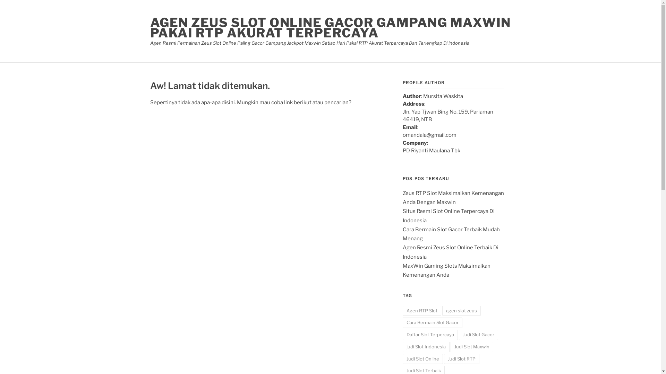 Image resolution: width=666 pixels, height=374 pixels. What do you see at coordinates (425, 347) in the screenshot?
I see `'judi Slot Indonesia'` at bounding box center [425, 347].